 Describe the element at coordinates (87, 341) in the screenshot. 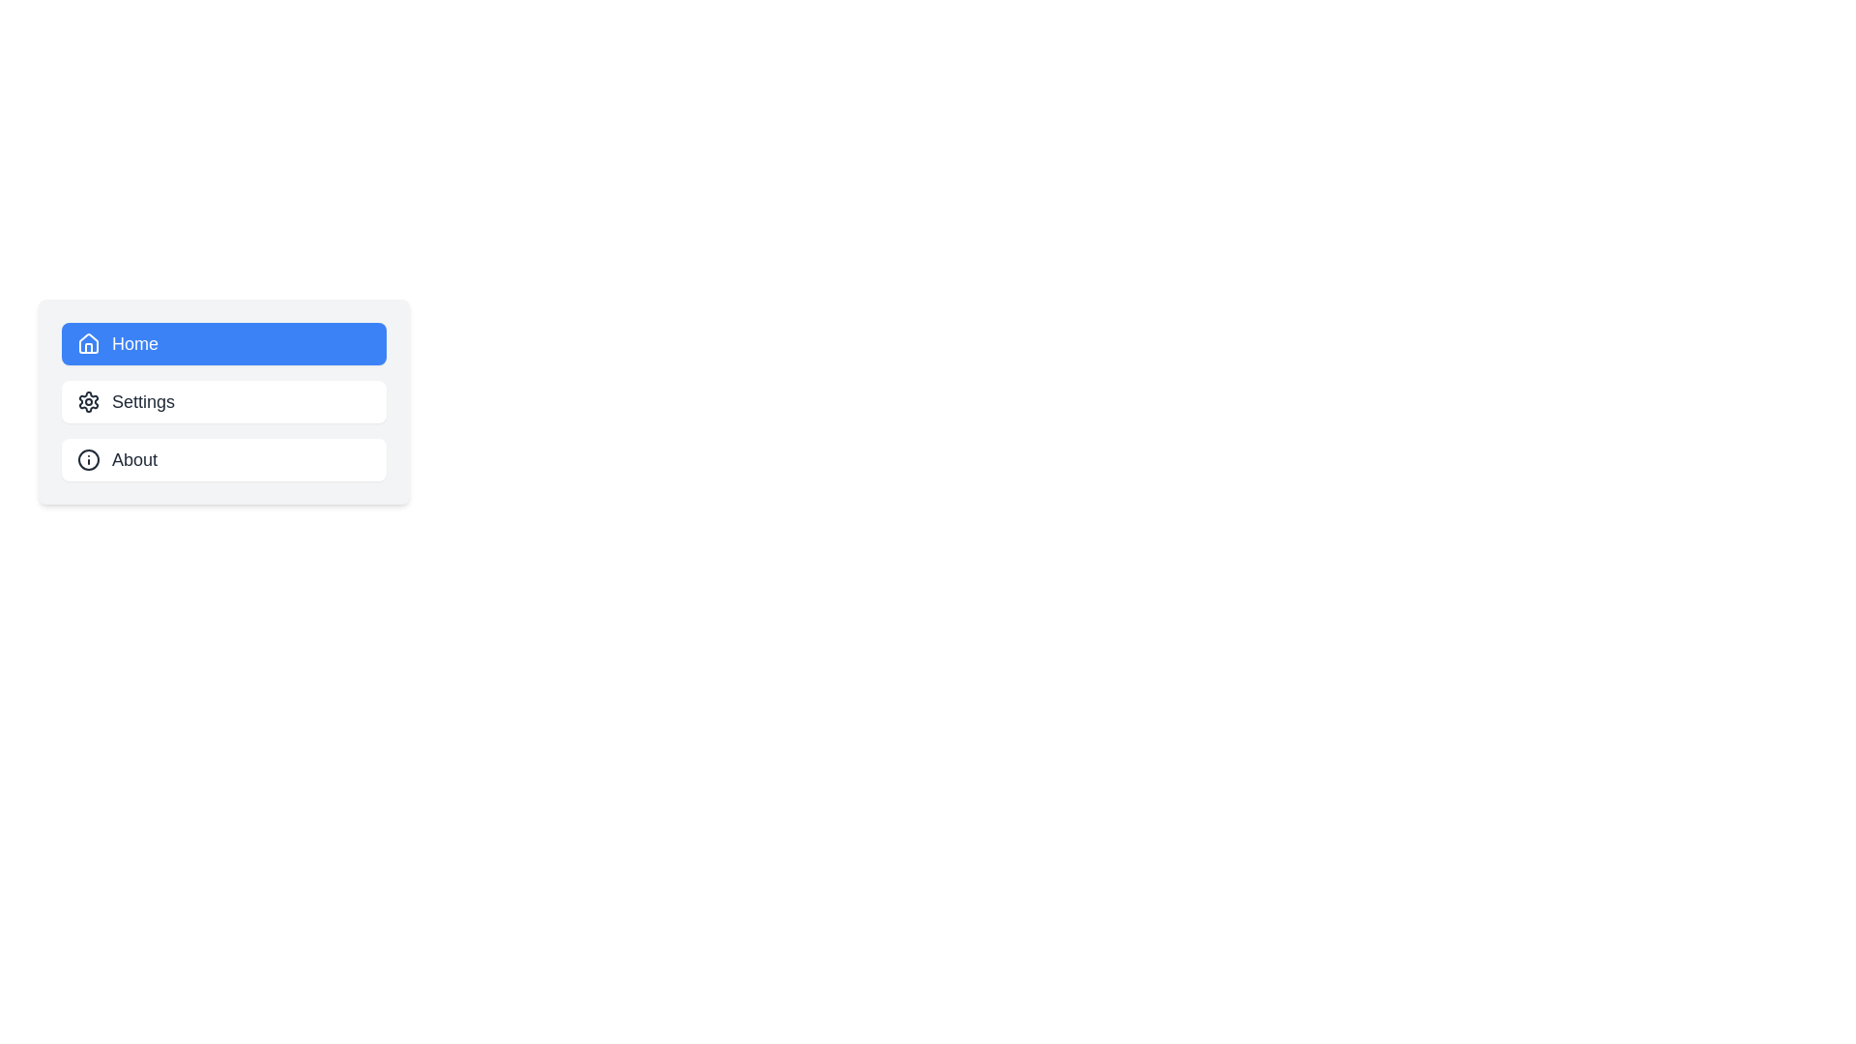

I see `the house-shaped icon with a triangular roof and rectangular body located in the 'Home' menu item at the top of the vertical menu layout` at that location.